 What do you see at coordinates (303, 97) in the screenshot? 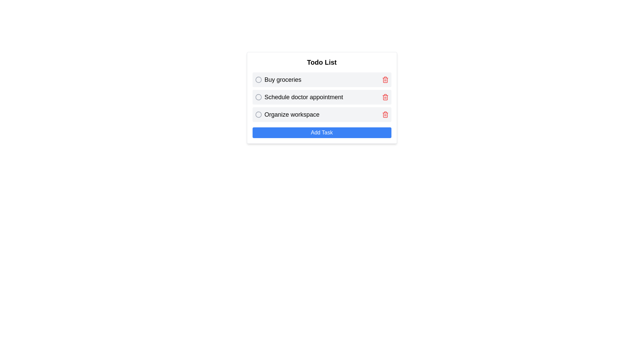
I see `the second text entry in the to-do list, which is centrally positioned in the second row below the header 'Todo List'` at bounding box center [303, 97].